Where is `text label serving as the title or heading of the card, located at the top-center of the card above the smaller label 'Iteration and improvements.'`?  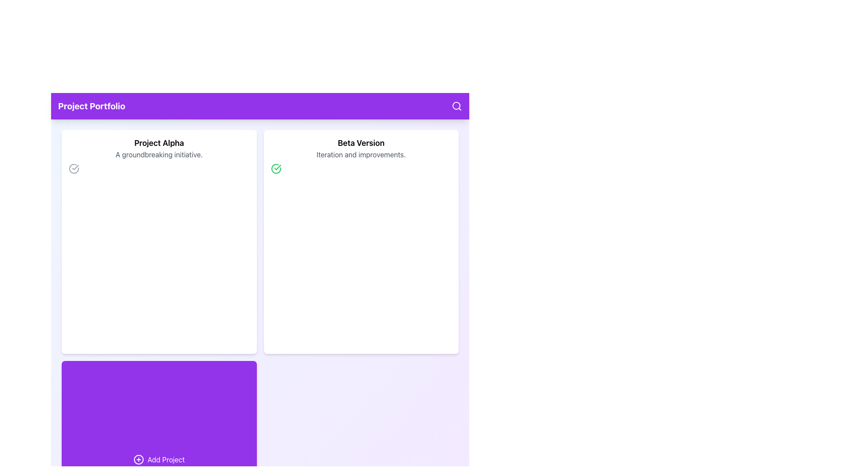 text label serving as the title or heading of the card, located at the top-center of the card above the smaller label 'Iteration and improvements.' is located at coordinates (361, 142).